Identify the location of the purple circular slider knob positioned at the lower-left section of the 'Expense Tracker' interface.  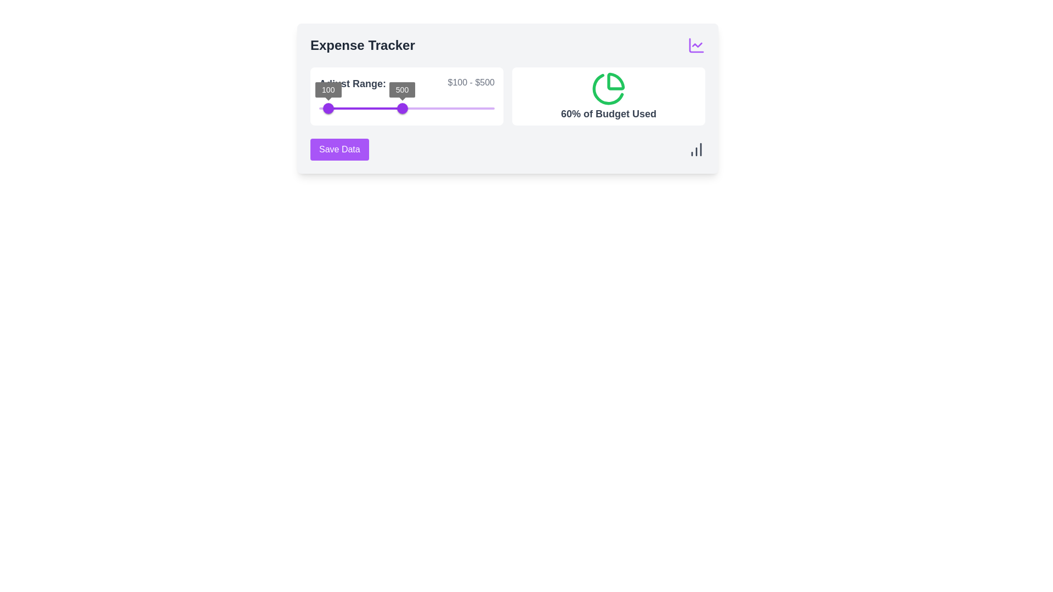
(327, 108).